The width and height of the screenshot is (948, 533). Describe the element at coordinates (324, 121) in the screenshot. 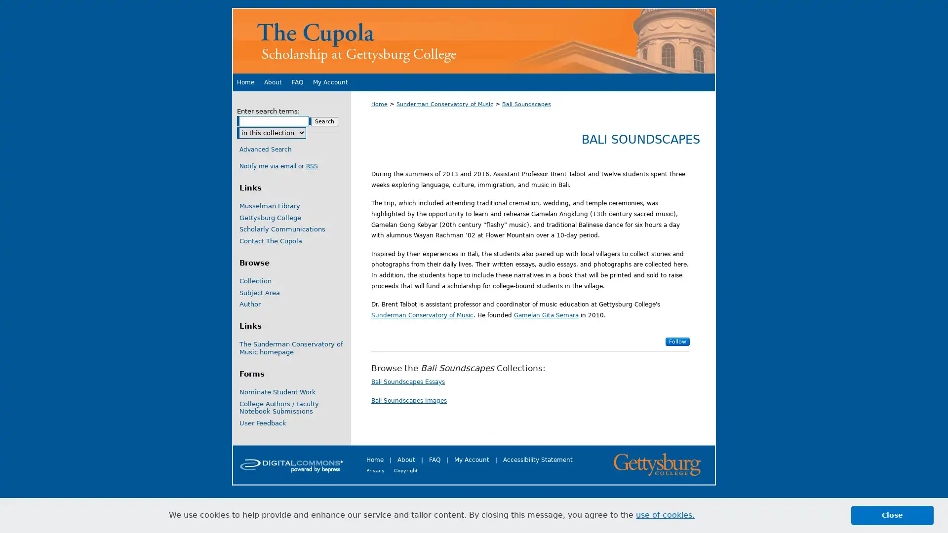

I see `Search` at that location.